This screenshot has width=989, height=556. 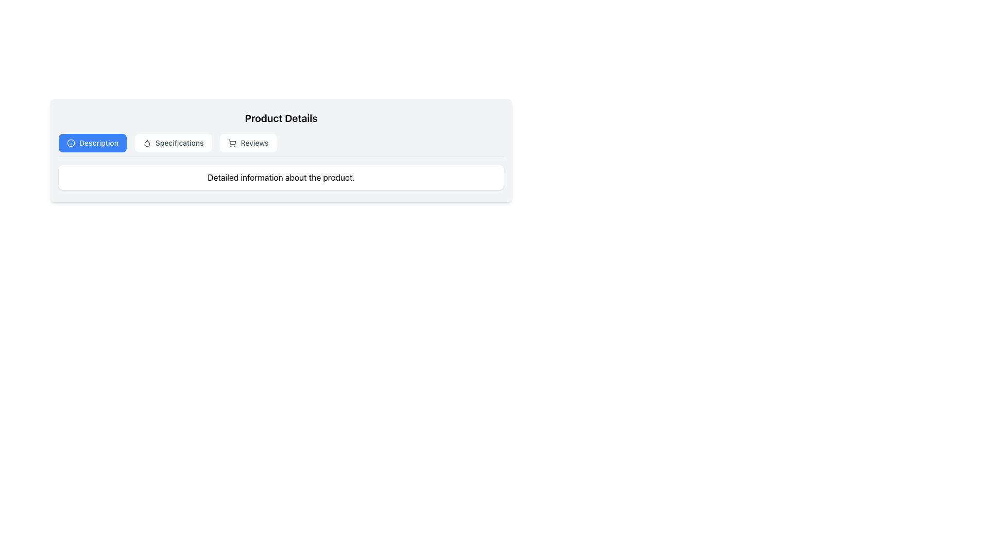 What do you see at coordinates (173, 143) in the screenshot?
I see `the 'Specifications' button, which is the second tab in a horizontal list between 'Description' and 'Reviews', featuring a droplet icon on the left` at bounding box center [173, 143].